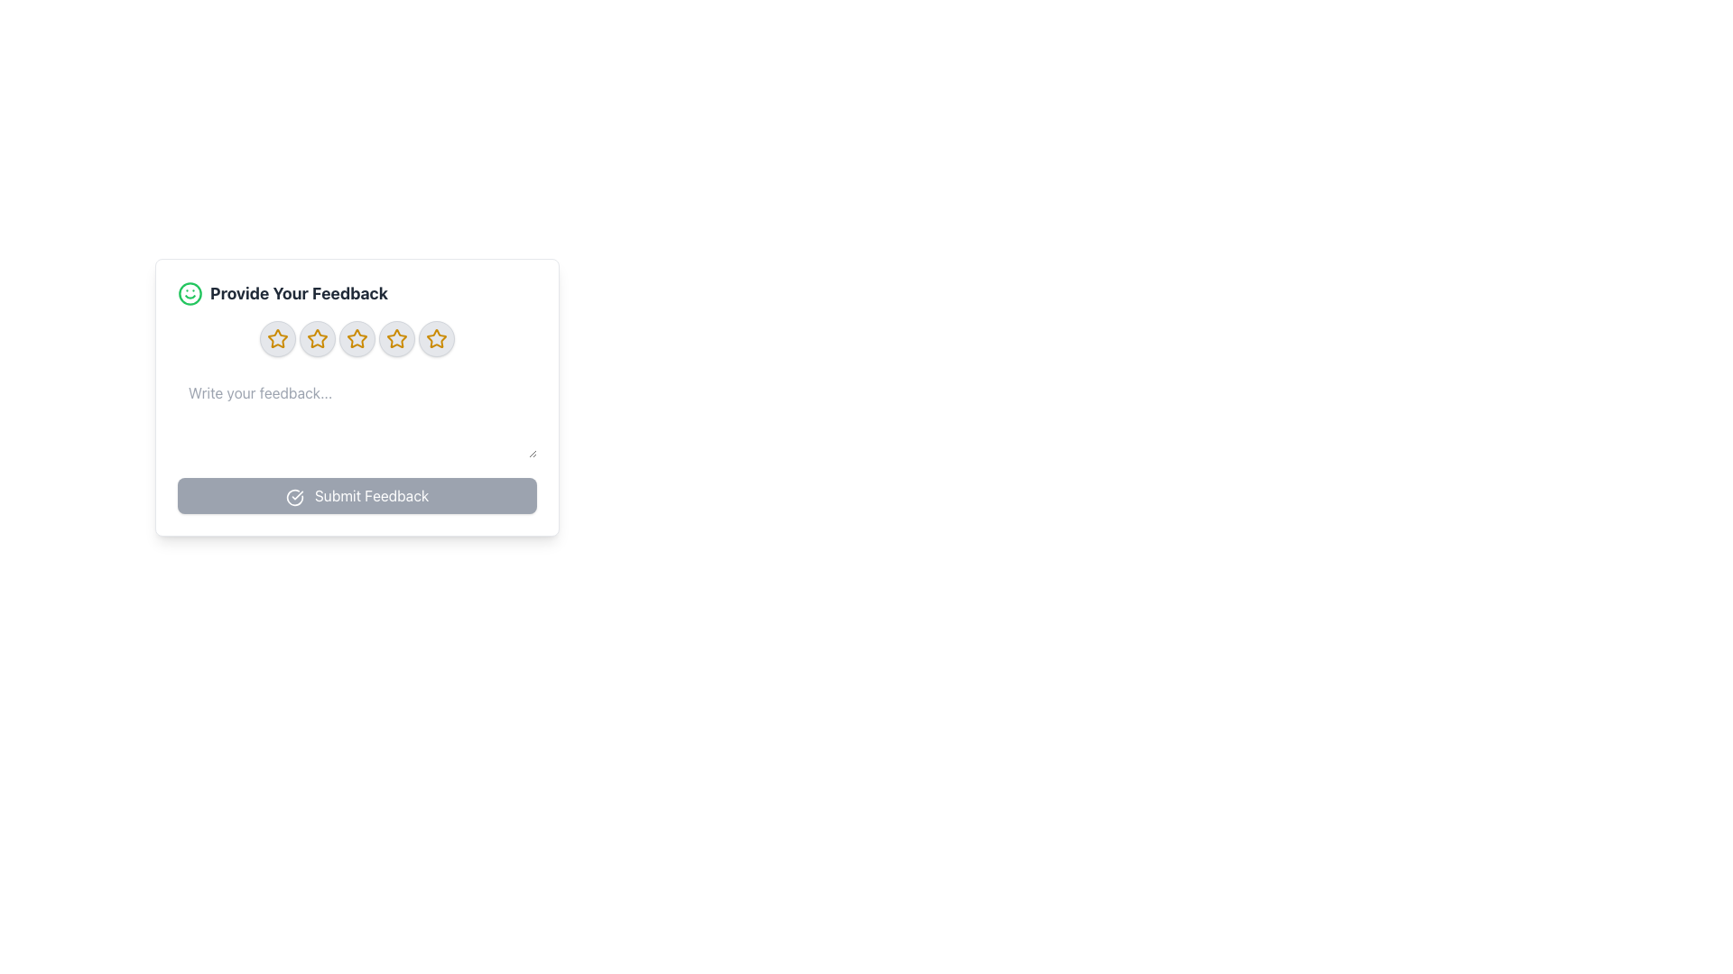 The height and width of the screenshot is (974, 1733). I want to click on the third yellow rating star icon from the left in the feedback form, which is part of a cluster of five stars used for rating, so click(357, 338).